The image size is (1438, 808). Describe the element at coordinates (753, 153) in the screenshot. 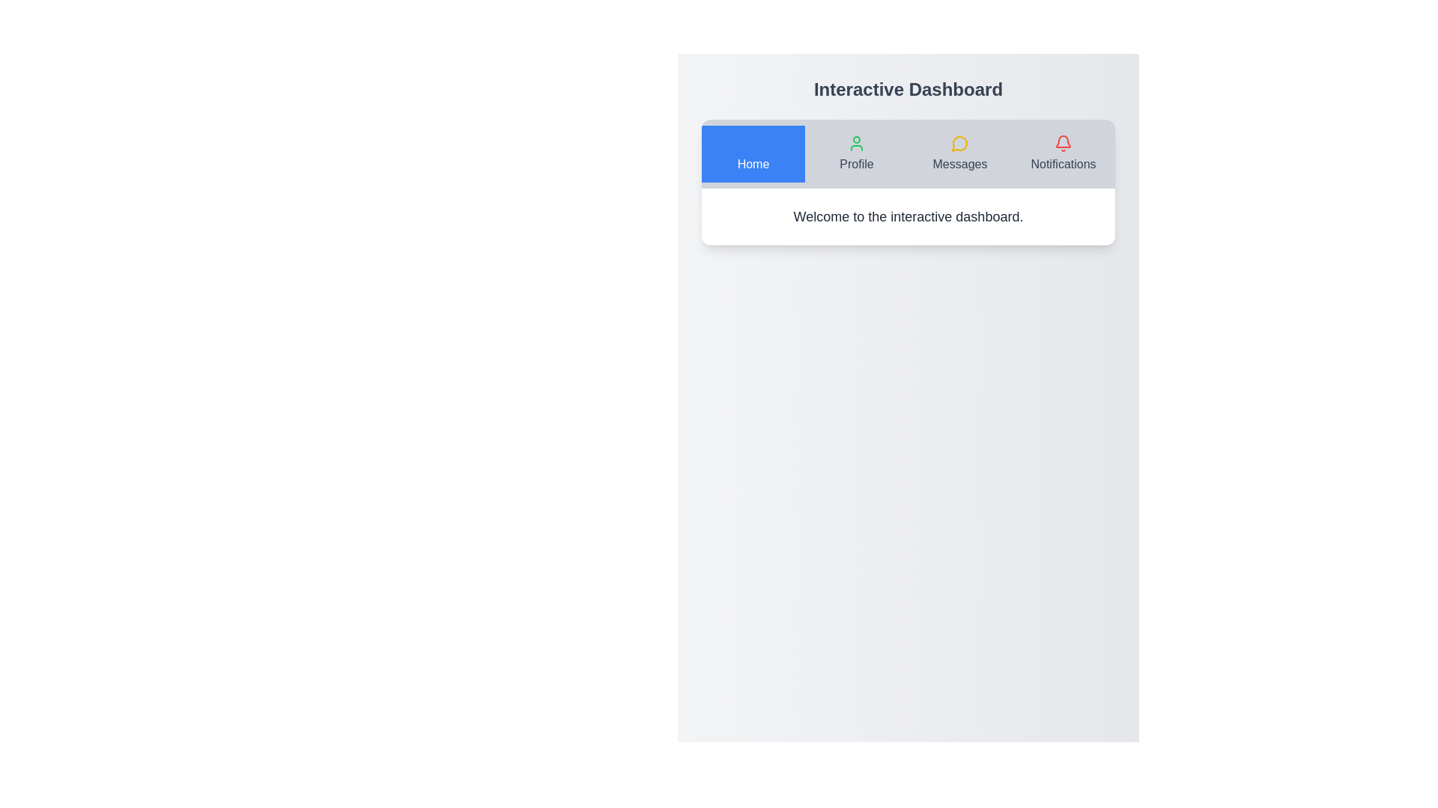

I see `the 'Home' button located at the leftmost position in the top navigation bar, which features a shopping cart icon above the label` at that location.